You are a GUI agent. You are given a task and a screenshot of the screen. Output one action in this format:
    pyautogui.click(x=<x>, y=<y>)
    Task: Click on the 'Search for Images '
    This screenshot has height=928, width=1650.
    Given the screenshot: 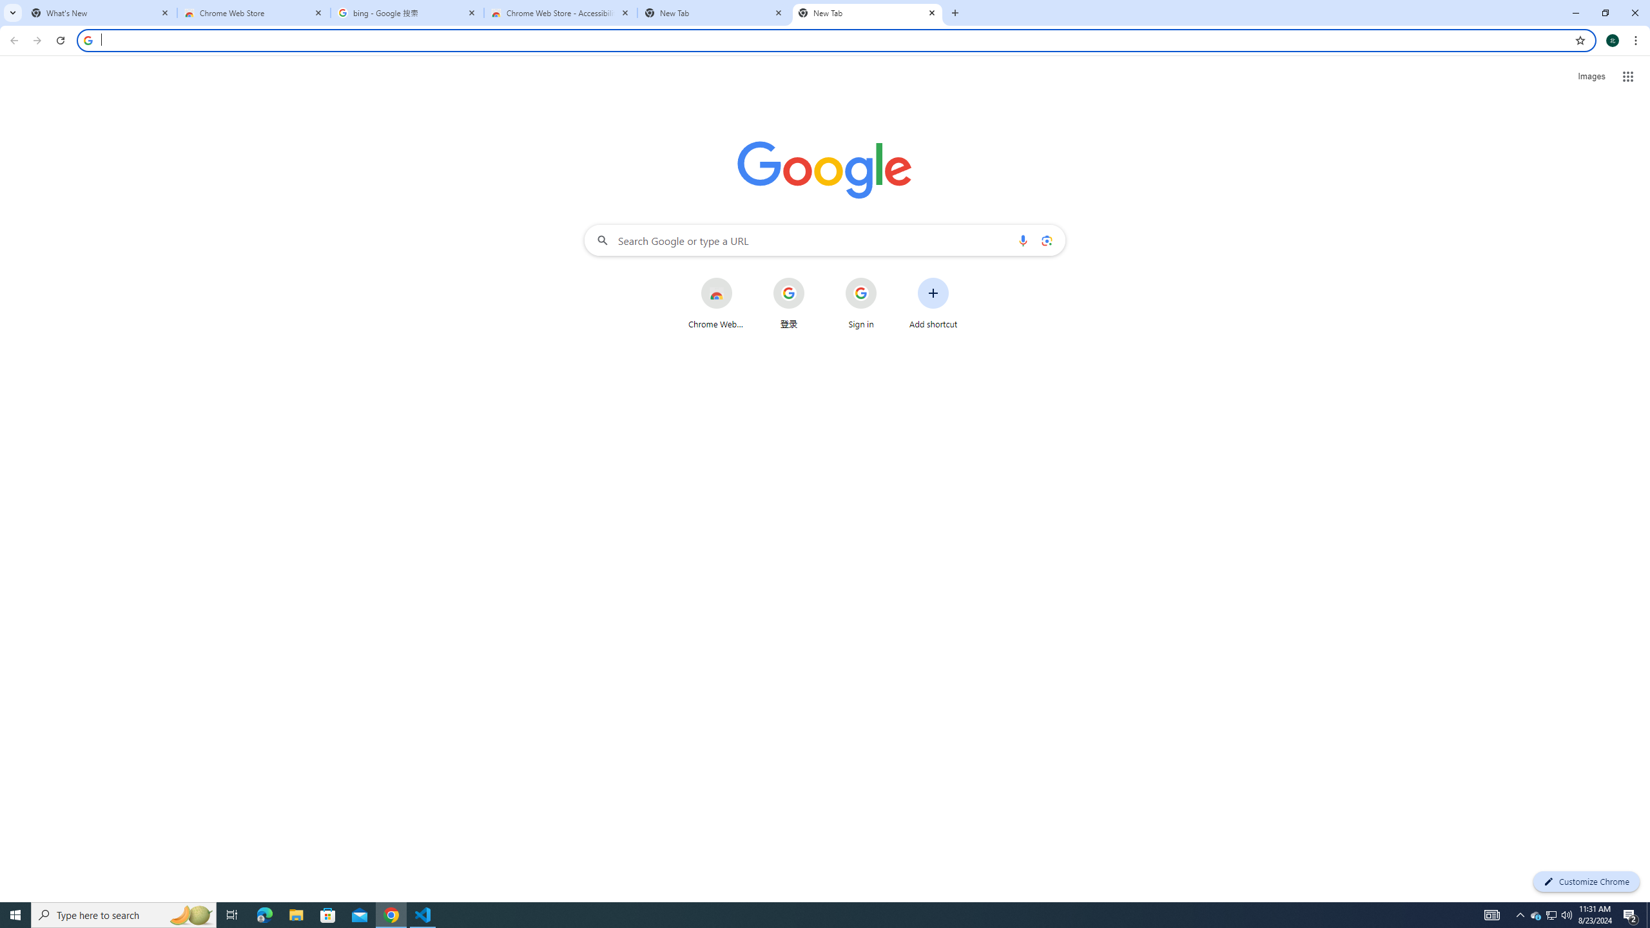 What is the action you would take?
    pyautogui.click(x=1591, y=76)
    